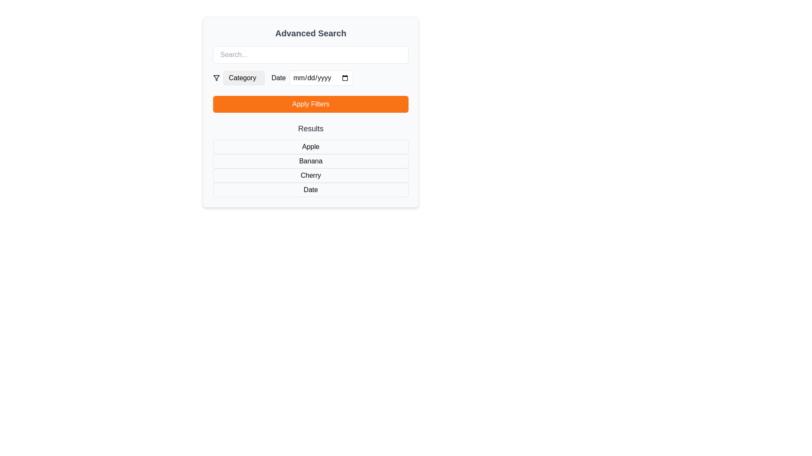 Image resolution: width=812 pixels, height=456 pixels. I want to click on the Text Display Box labeled 'Apple', which is the first element in the 'Results' category, styled with a light background and black centered text, so click(310, 146).